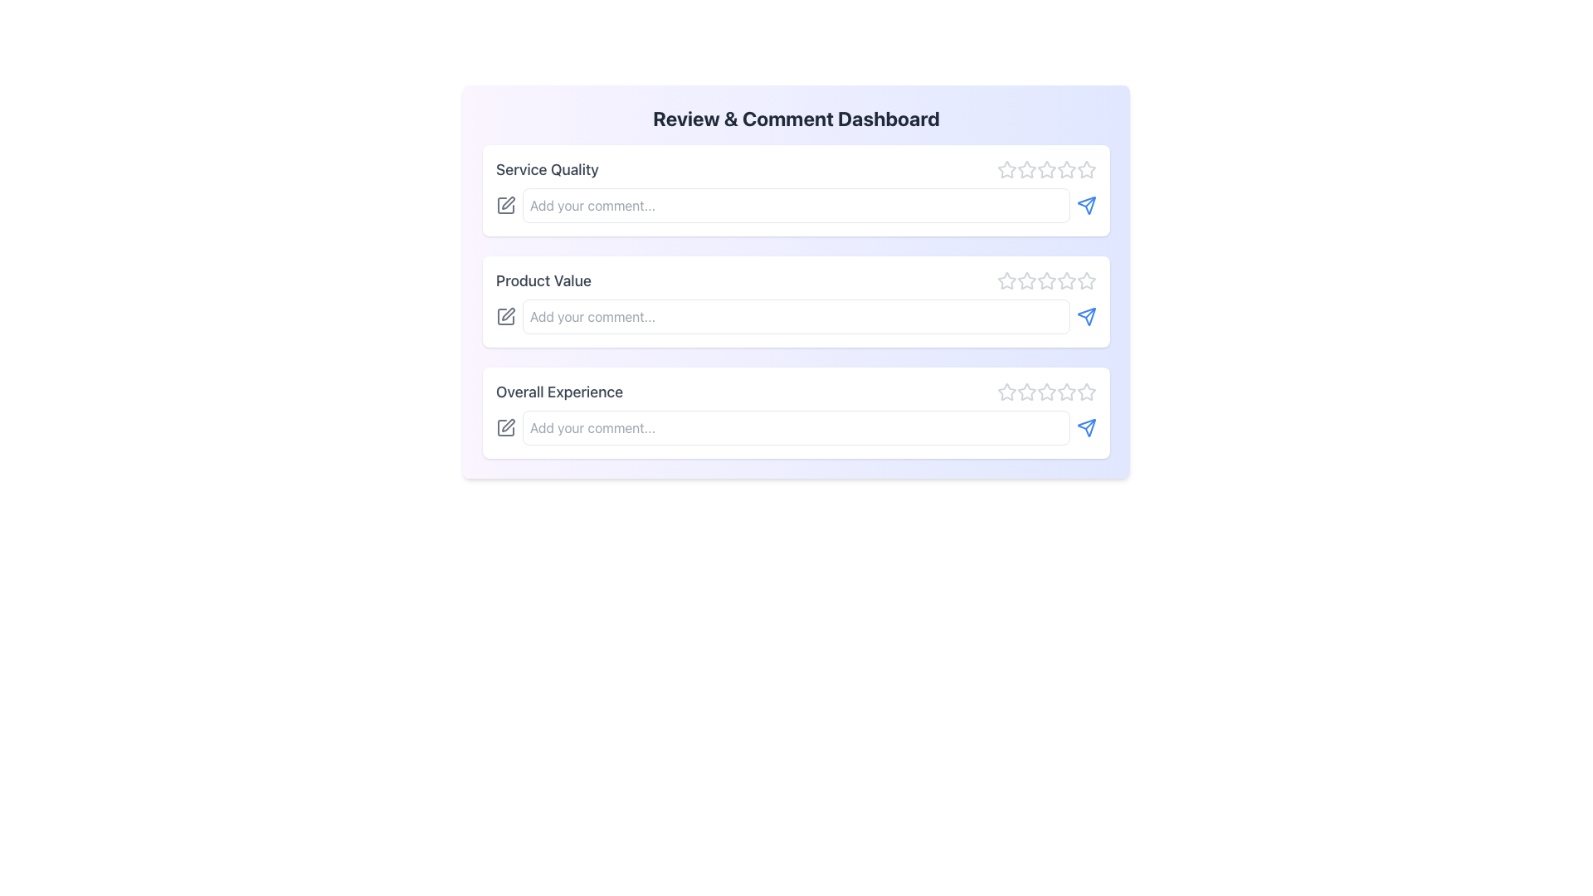  What do you see at coordinates (1087, 169) in the screenshot?
I see `the fifth star icon in the 'Service Quality' section` at bounding box center [1087, 169].